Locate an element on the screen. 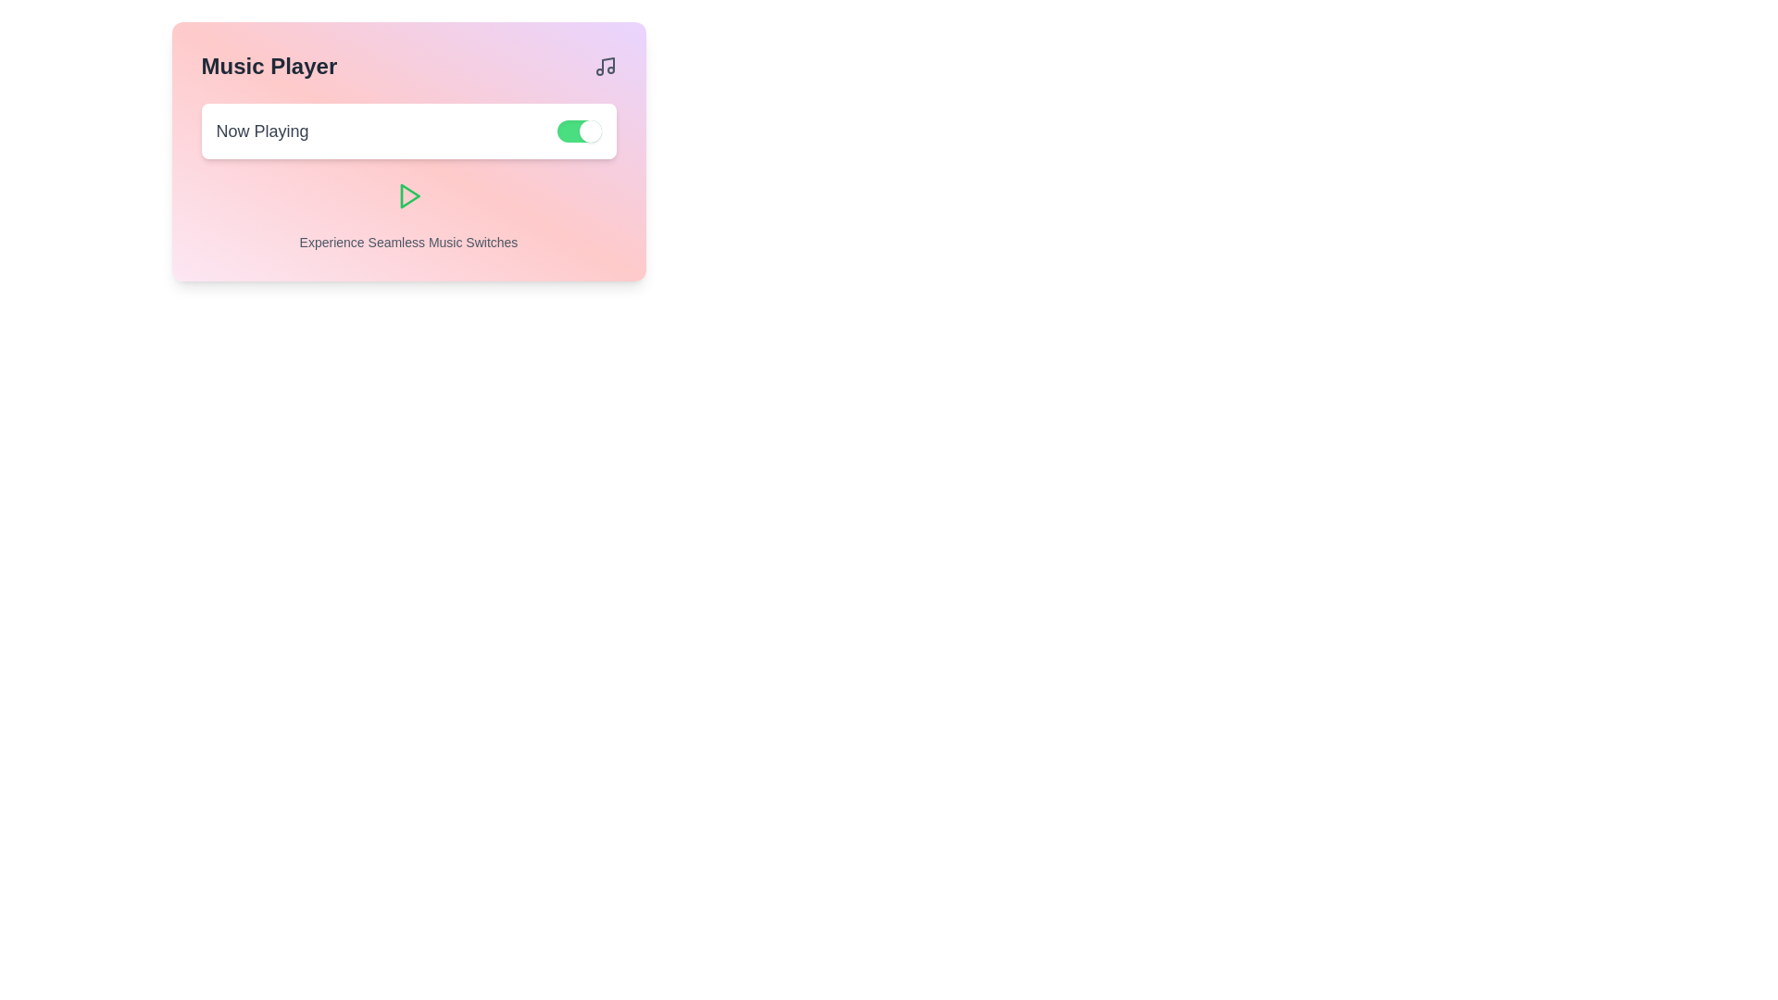  the musical note icon located at the top-right corner of the 'Music Player' panel, adjacent to the 'Music Player' title text is located at coordinates (605, 66).